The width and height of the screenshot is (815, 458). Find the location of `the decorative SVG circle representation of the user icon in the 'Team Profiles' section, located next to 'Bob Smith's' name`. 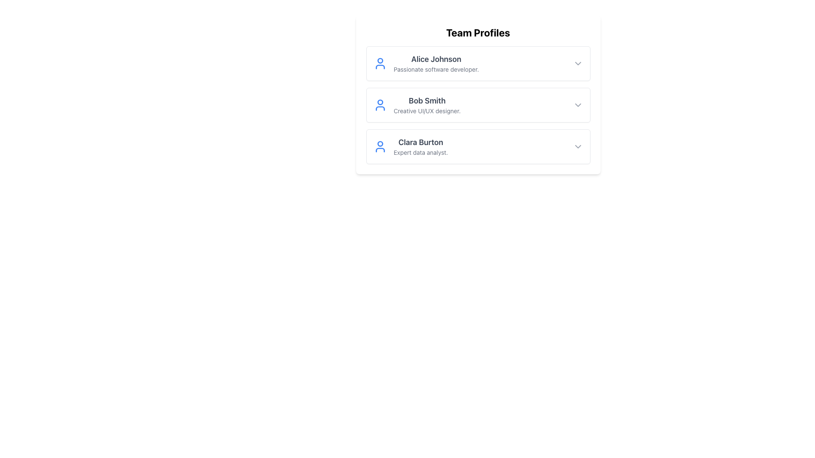

the decorative SVG circle representation of the user icon in the 'Team Profiles' section, located next to 'Bob Smith's' name is located at coordinates (379, 102).